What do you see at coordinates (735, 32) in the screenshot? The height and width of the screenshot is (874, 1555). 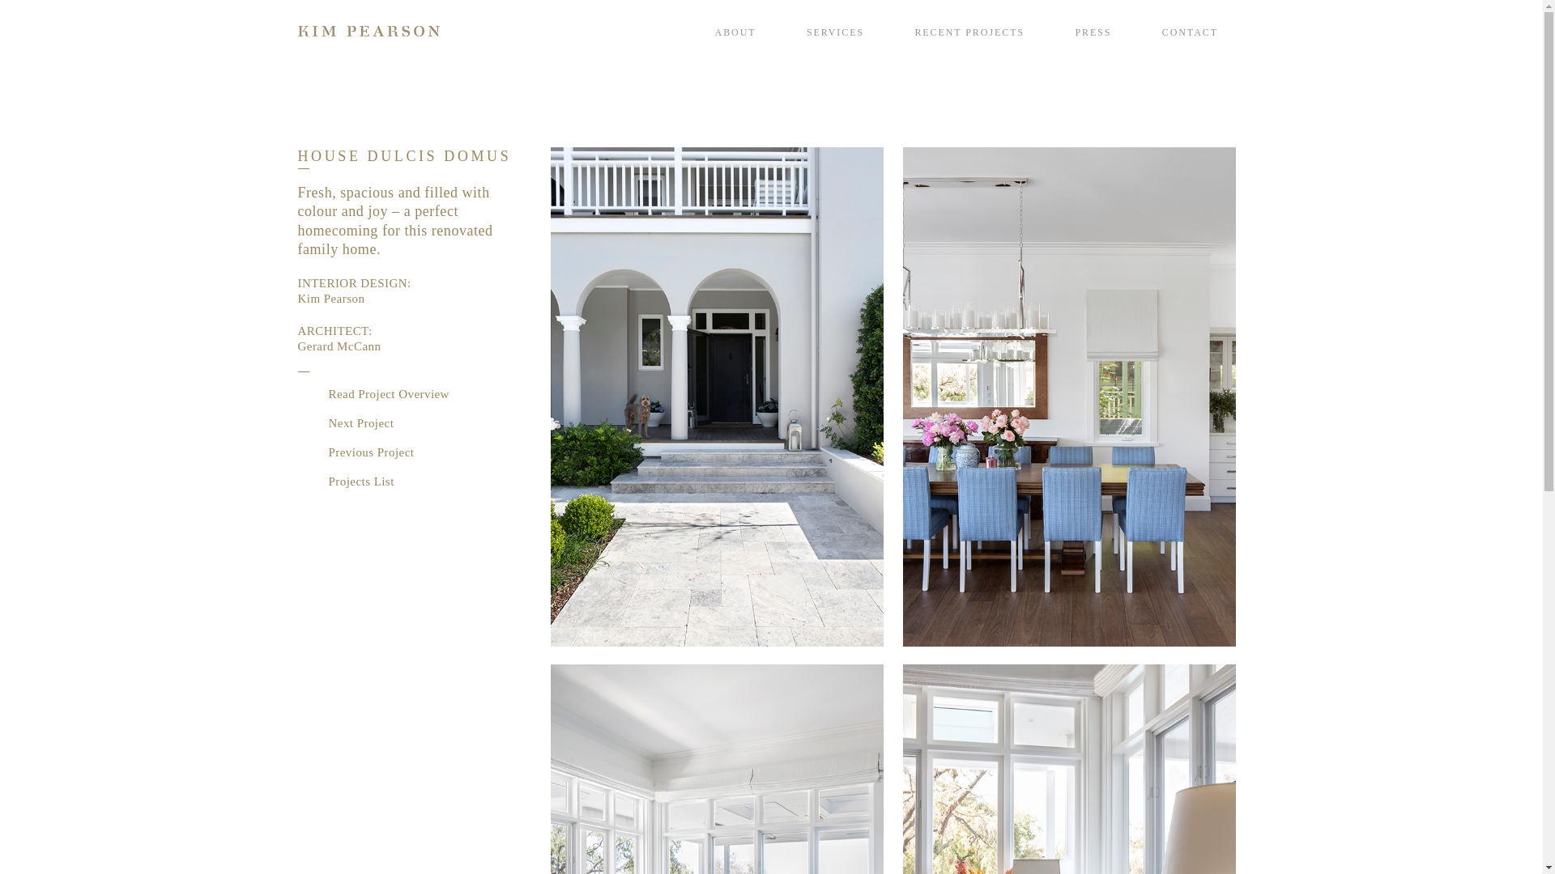 I see `'ABOUT'` at bounding box center [735, 32].